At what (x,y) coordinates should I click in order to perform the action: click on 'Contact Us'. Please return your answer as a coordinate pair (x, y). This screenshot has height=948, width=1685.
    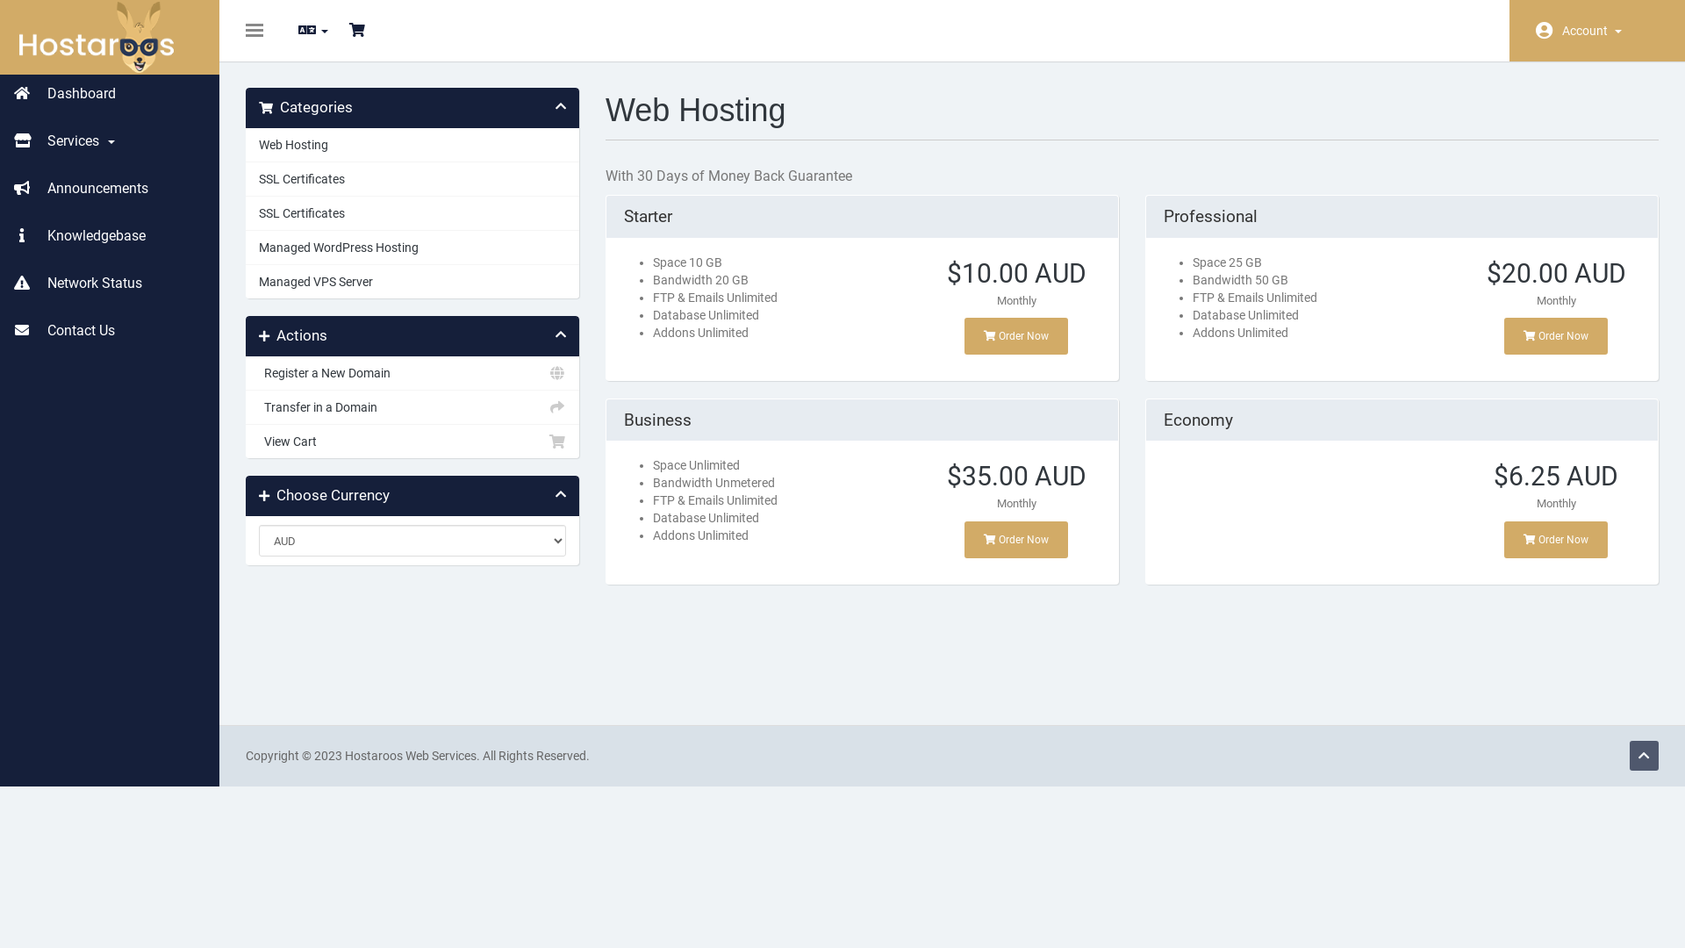
    Looking at the image, I should click on (108, 331).